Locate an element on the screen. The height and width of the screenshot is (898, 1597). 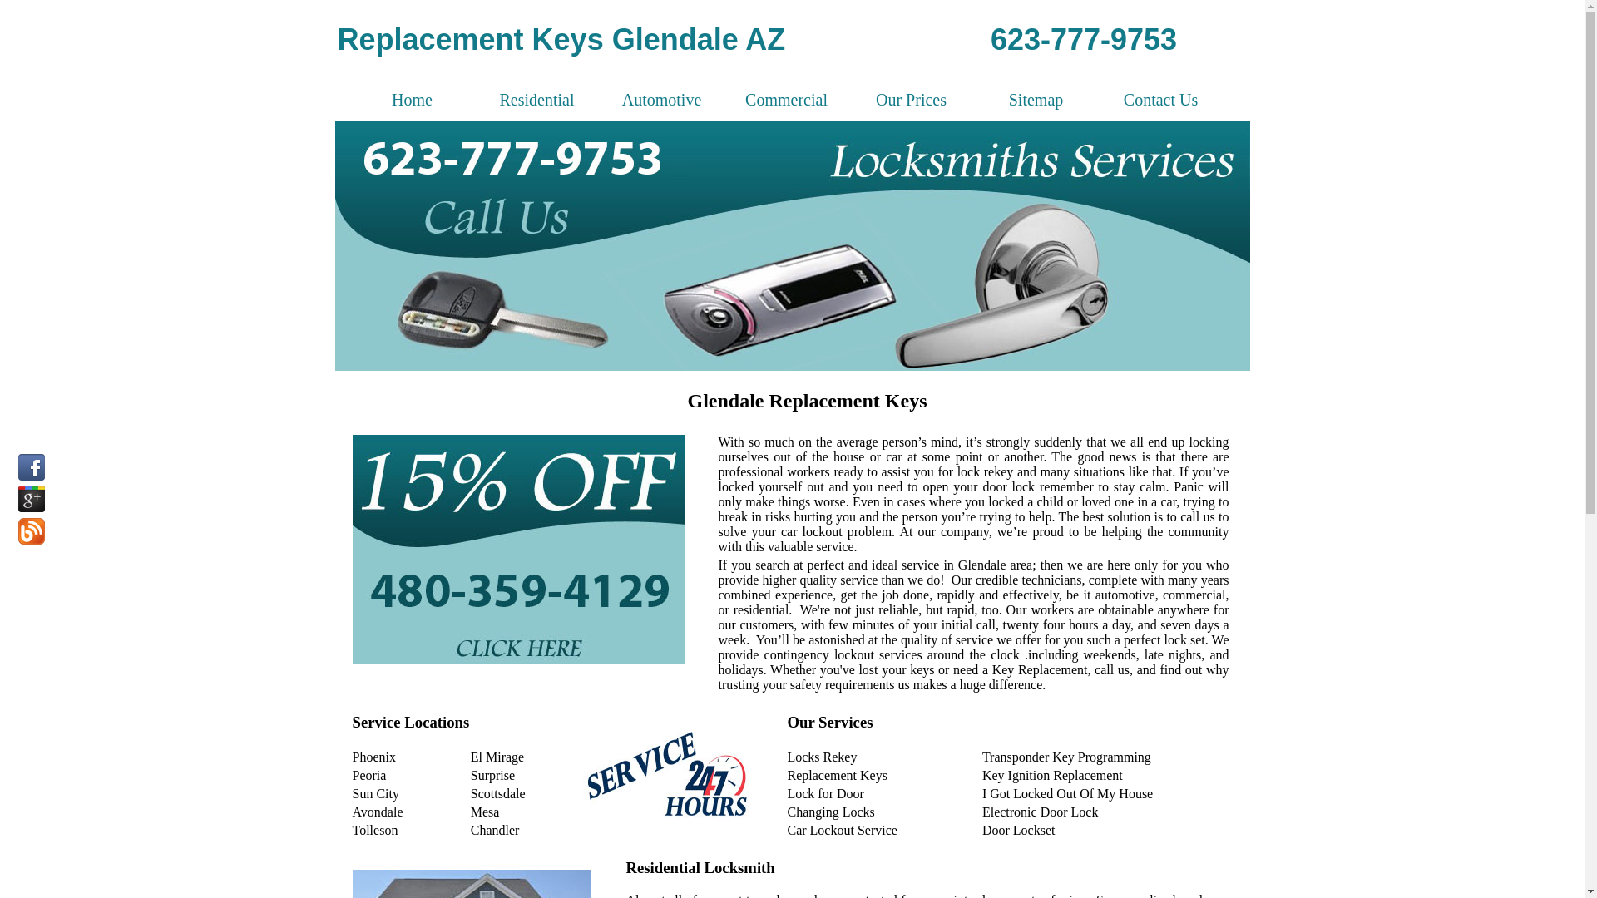
'Phoenix' is located at coordinates (373, 757).